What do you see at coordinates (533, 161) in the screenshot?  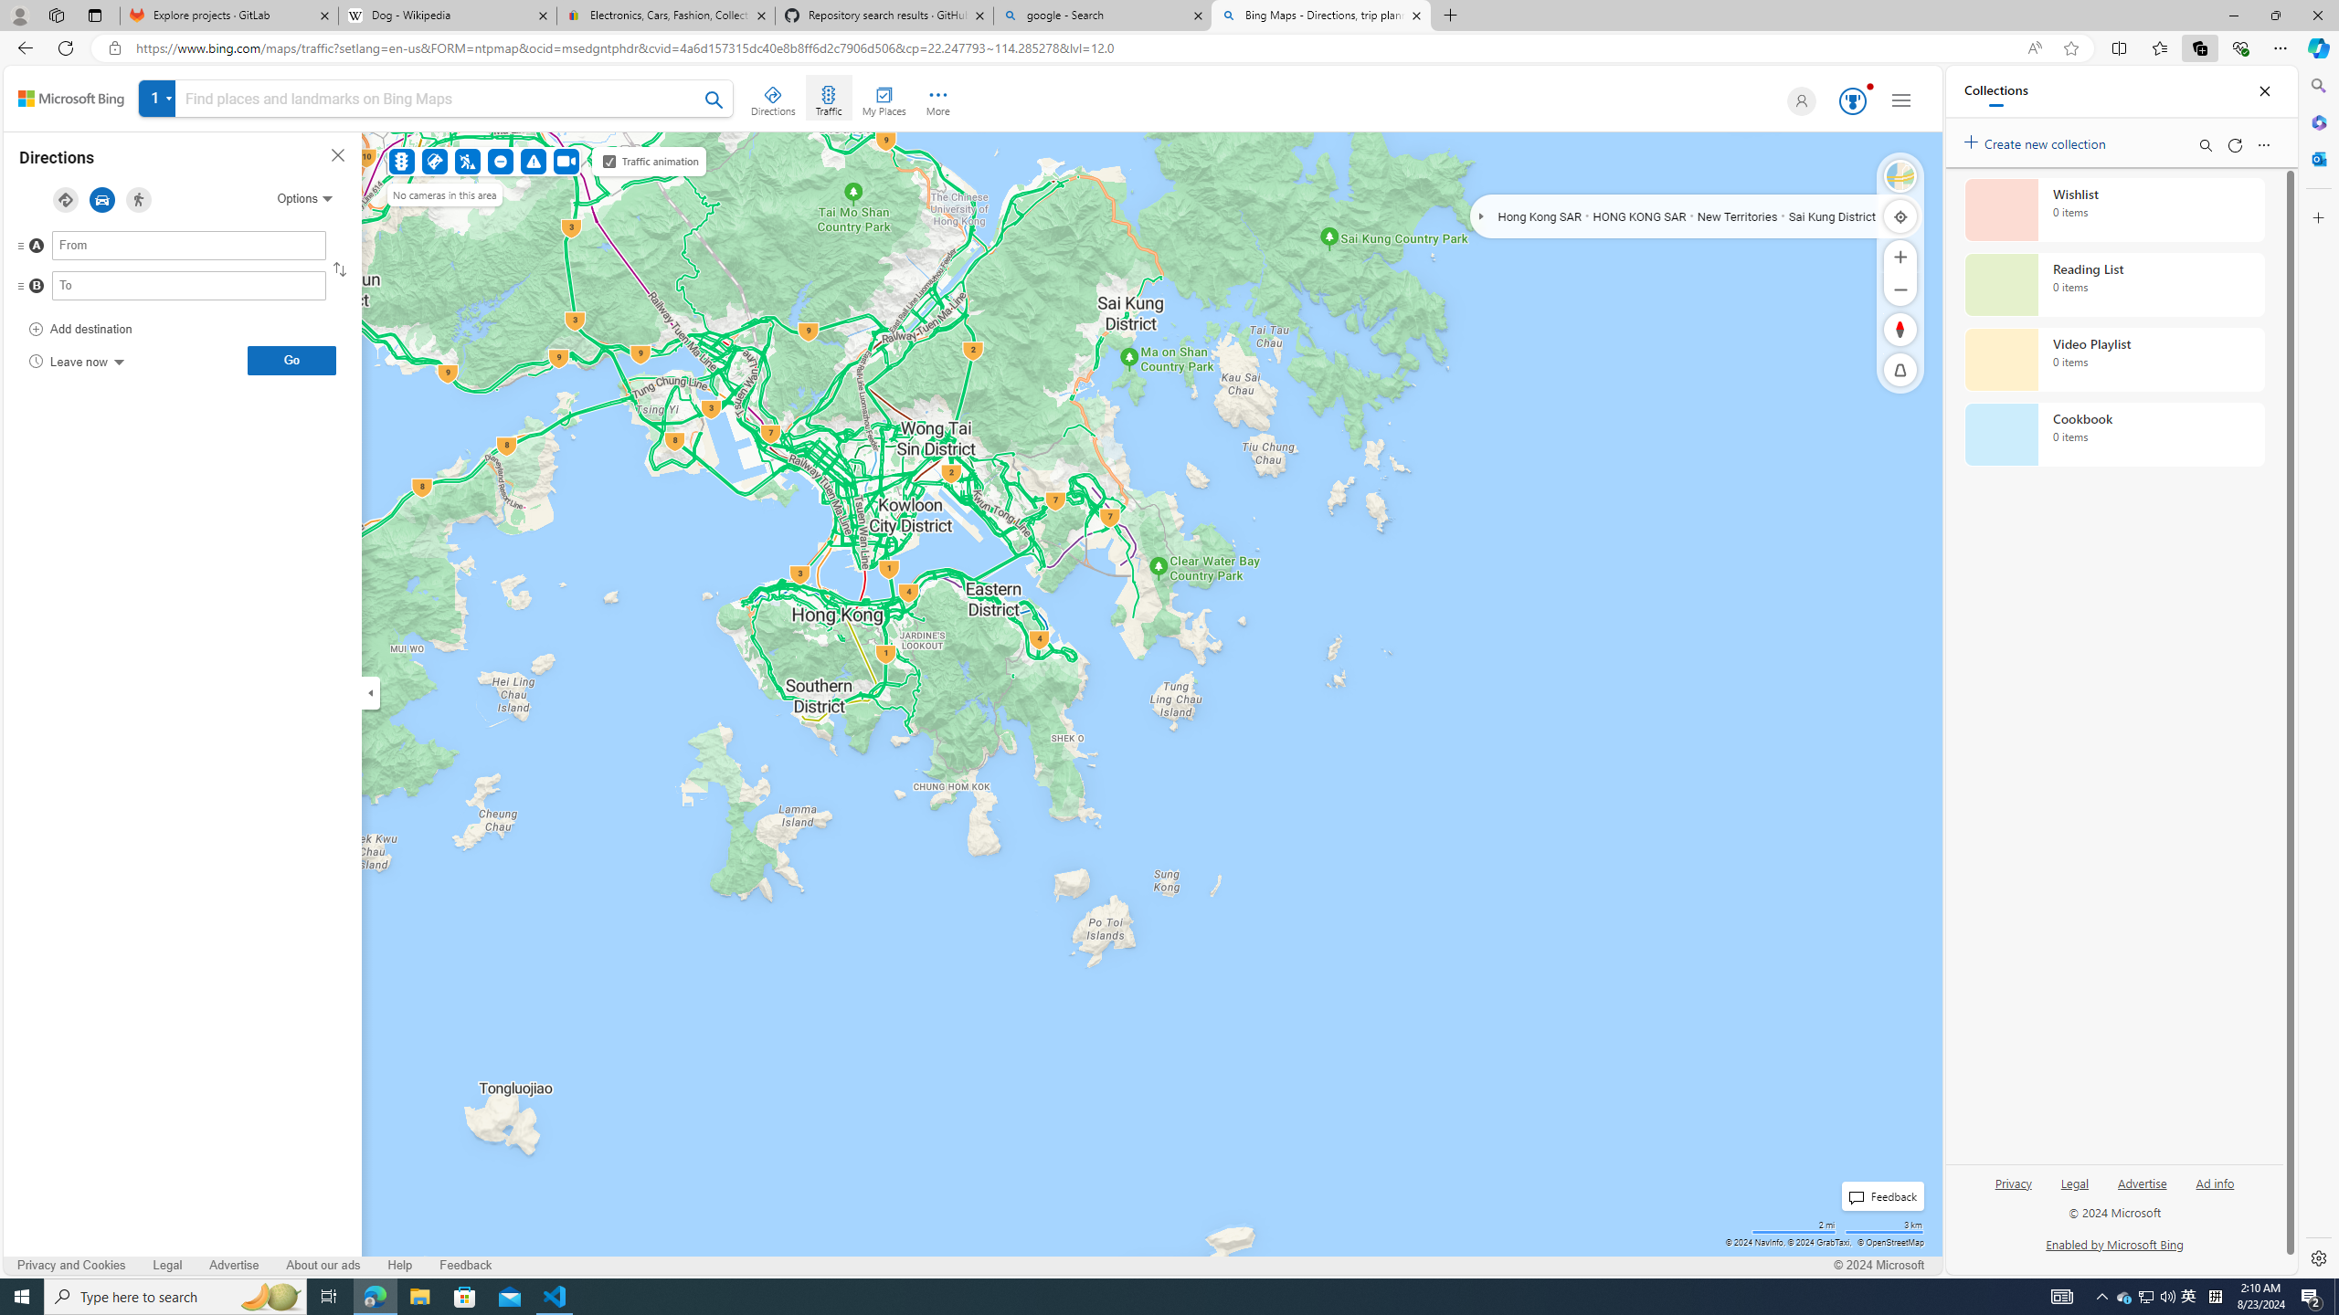 I see `'Miscellaneous incidents'` at bounding box center [533, 161].